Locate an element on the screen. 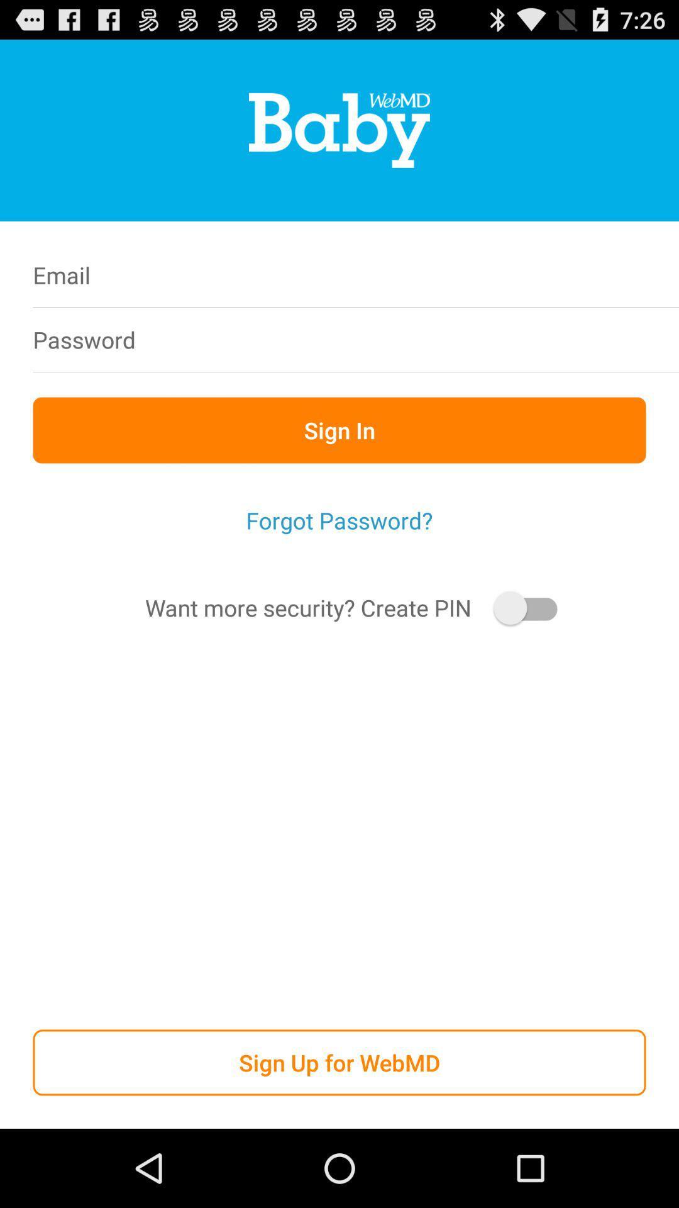  the sign up for is located at coordinates (339, 1062).